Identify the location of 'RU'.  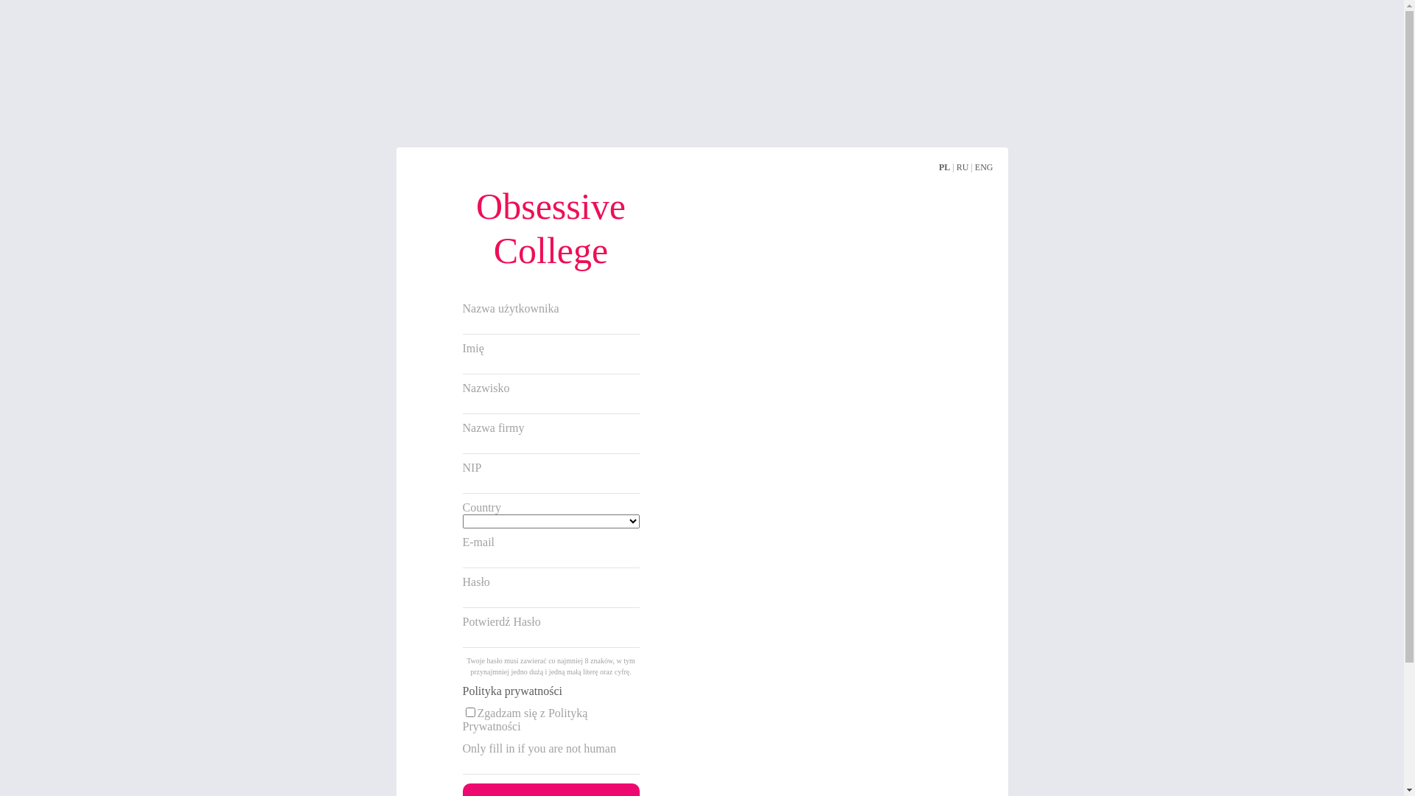
(962, 167).